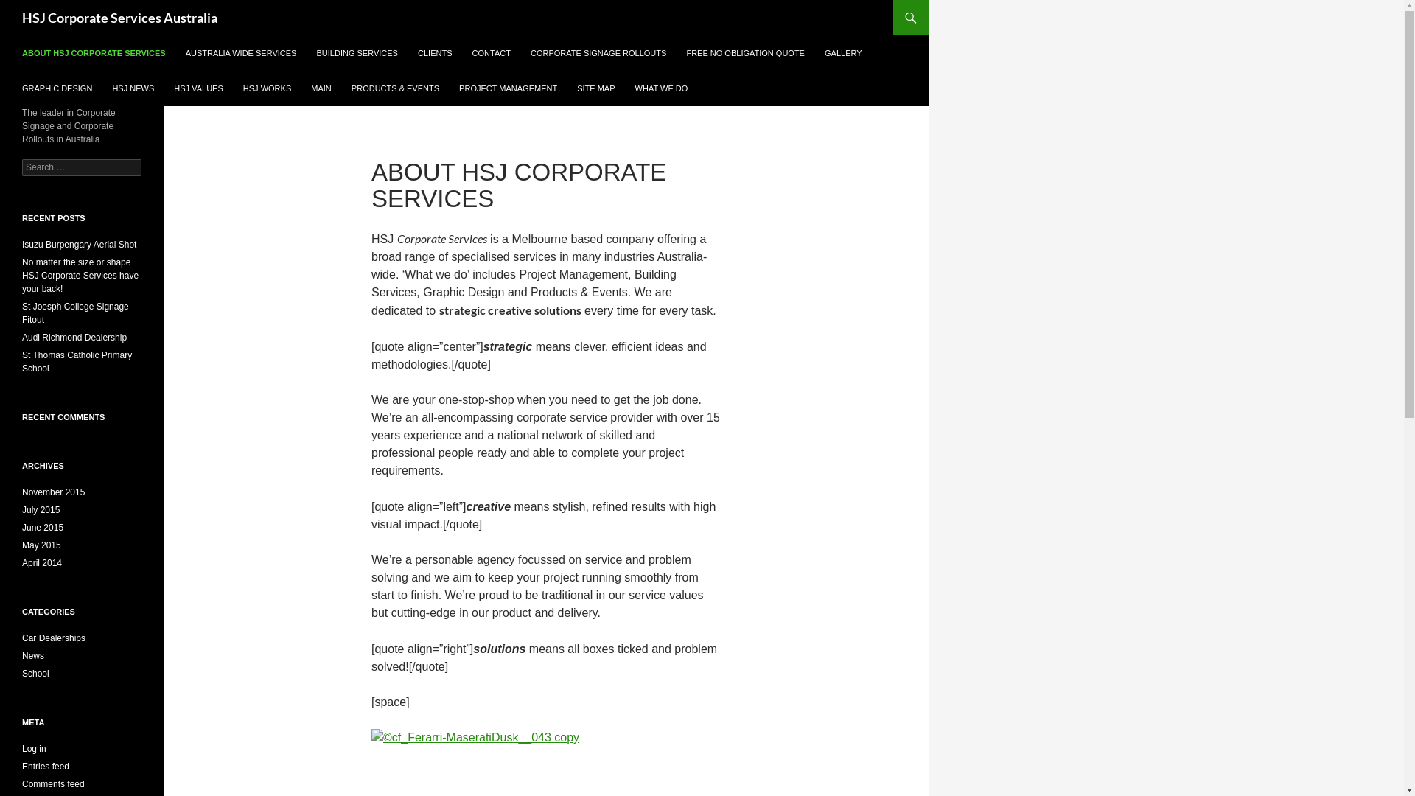 The image size is (1415, 796). Describe the element at coordinates (74, 312) in the screenshot. I see `'St Joesph College Signage Fitout'` at that location.